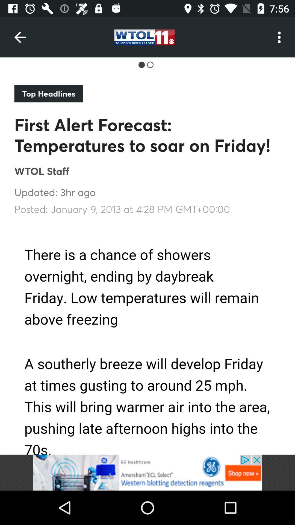 The height and width of the screenshot is (525, 295). What do you see at coordinates (147, 472) in the screenshot?
I see `option` at bounding box center [147, 472].